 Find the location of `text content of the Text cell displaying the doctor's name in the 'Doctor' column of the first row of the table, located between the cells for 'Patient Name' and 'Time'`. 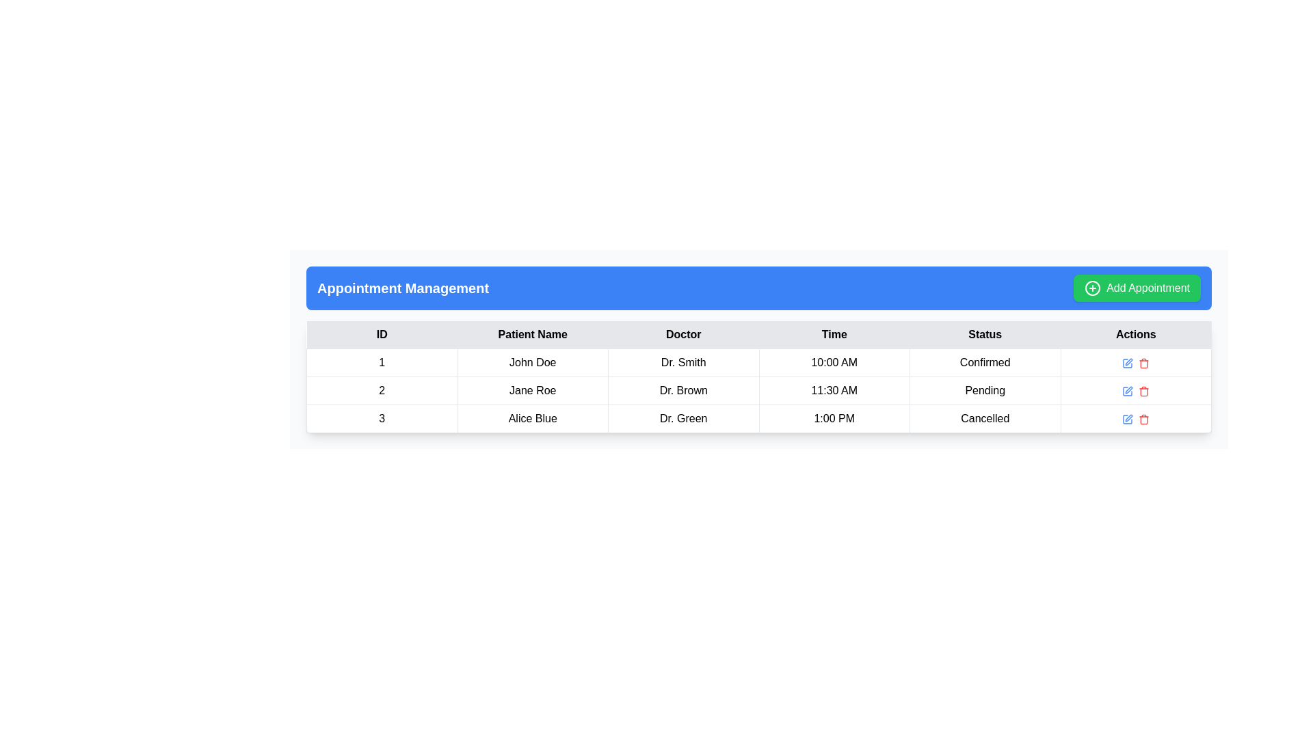

text content of the Text cell displaying the doctor's name in the 'Doctor' column of the first row of the table, located between the cells for 'Patient Name' and 'Time' is located at coordinates (683, 362).